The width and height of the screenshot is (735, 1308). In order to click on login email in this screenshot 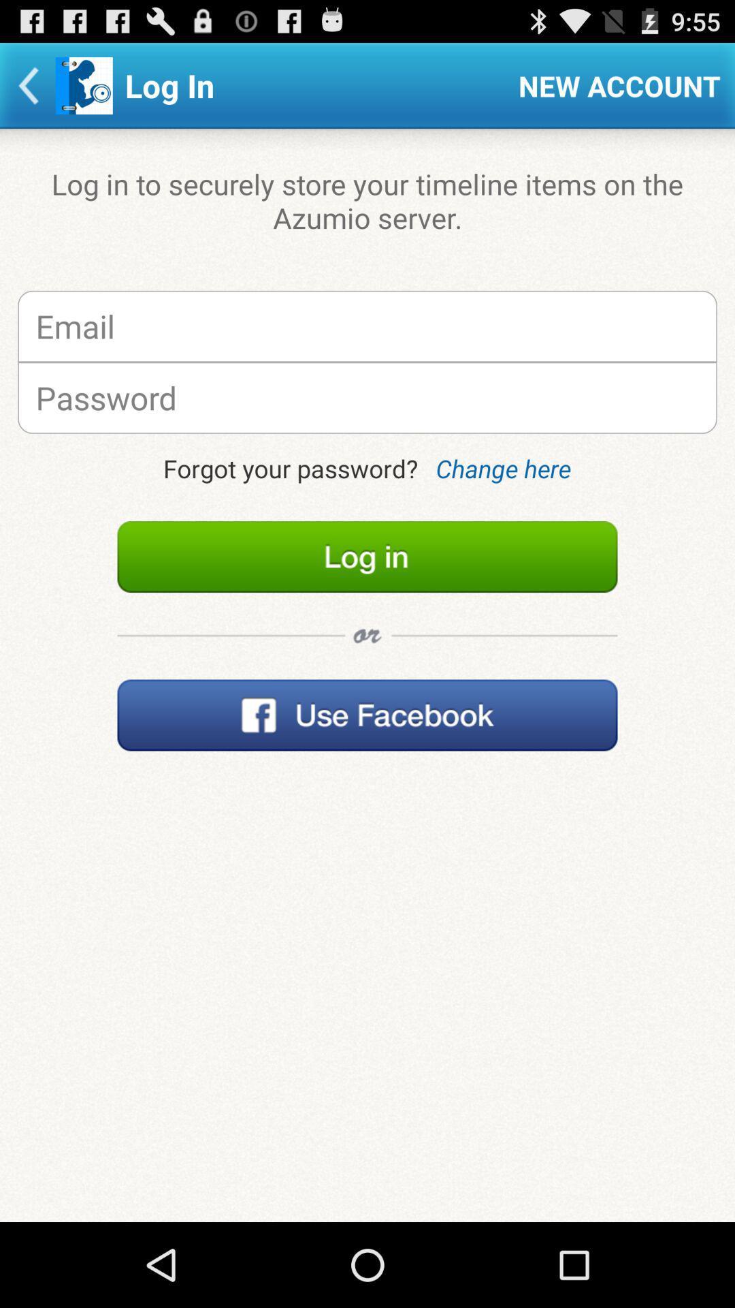, I will do `click(367, 326)`.